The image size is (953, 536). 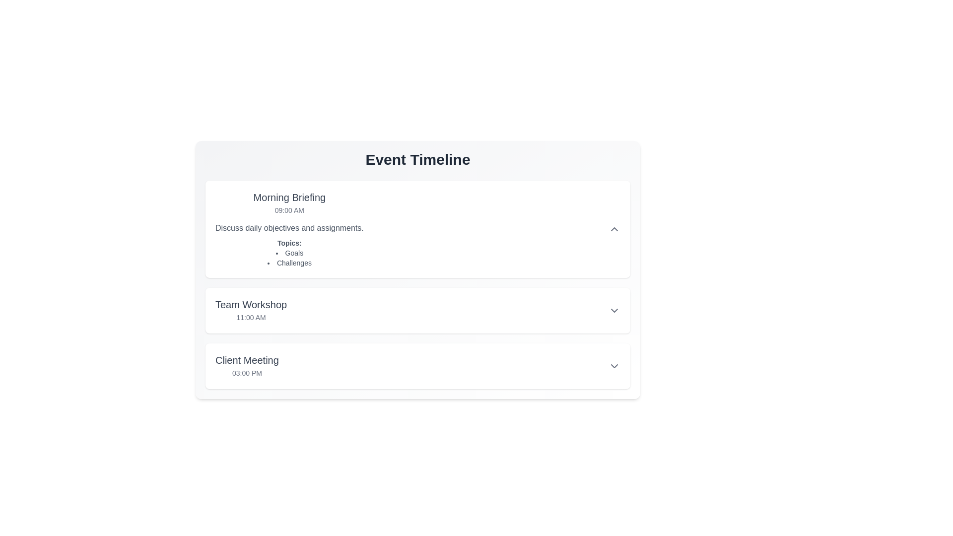 I want to click on the static text displaying '09:00 AM' for the 'Morning Briefing' event, located below the header and above the description paragraph, so click(x=289, y=210).